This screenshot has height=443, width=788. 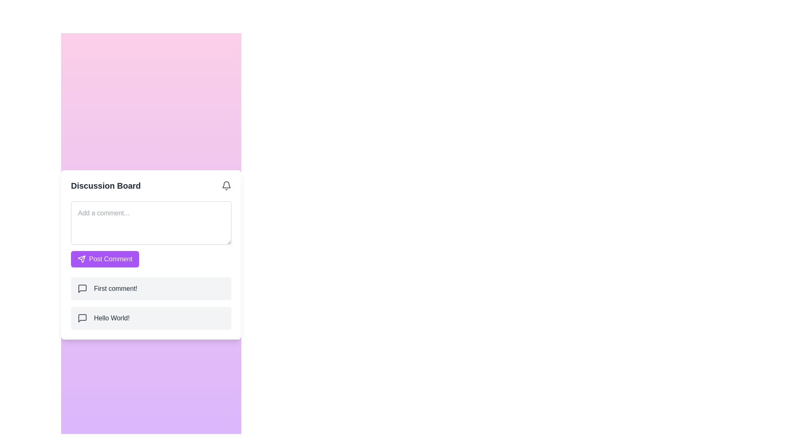 I want to click on the decorative icon related to comments, positioned to the left of the text 'First comment!' in the comments section, so click(x=82, y=288).